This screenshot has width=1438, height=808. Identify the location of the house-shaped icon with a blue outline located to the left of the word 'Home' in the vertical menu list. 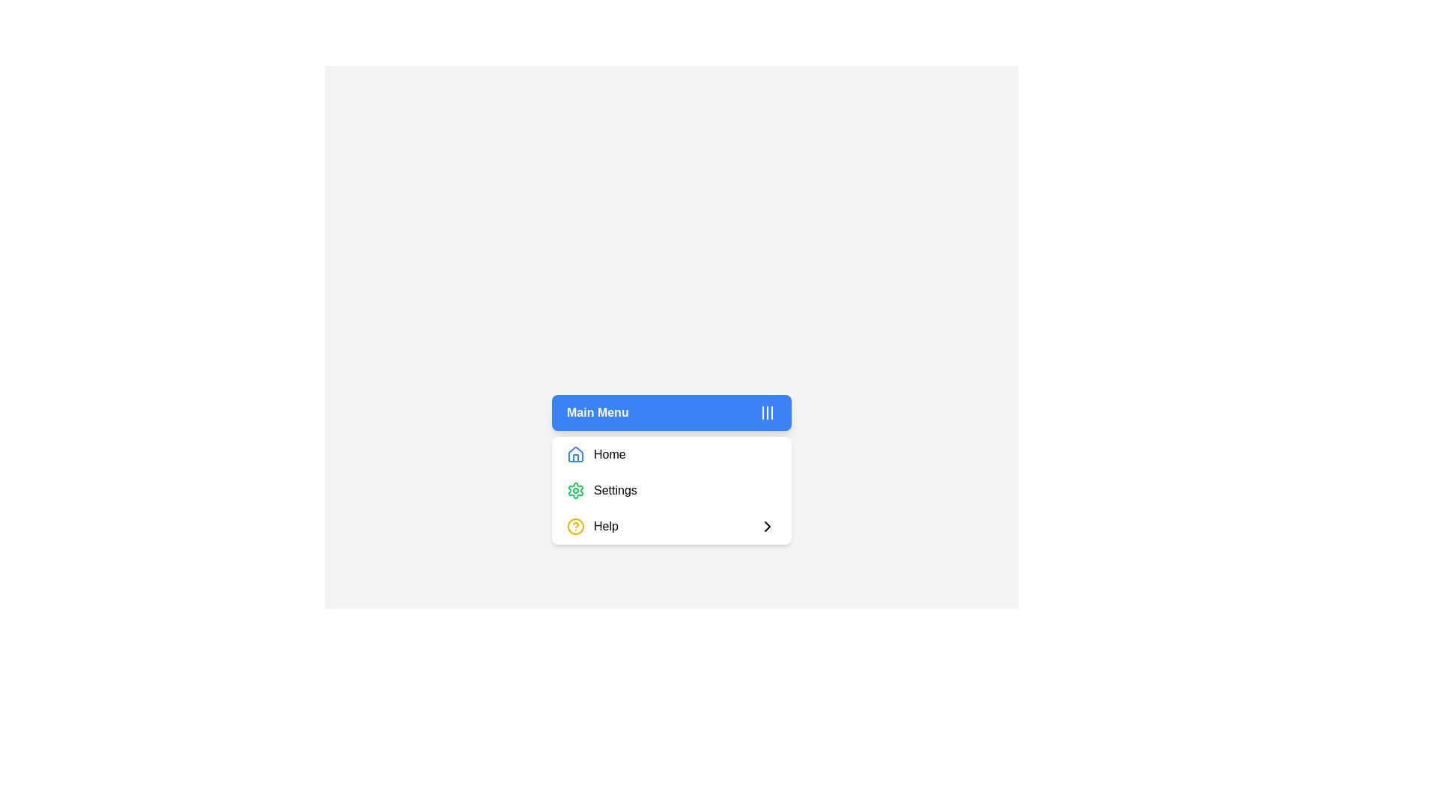
(574, 454).